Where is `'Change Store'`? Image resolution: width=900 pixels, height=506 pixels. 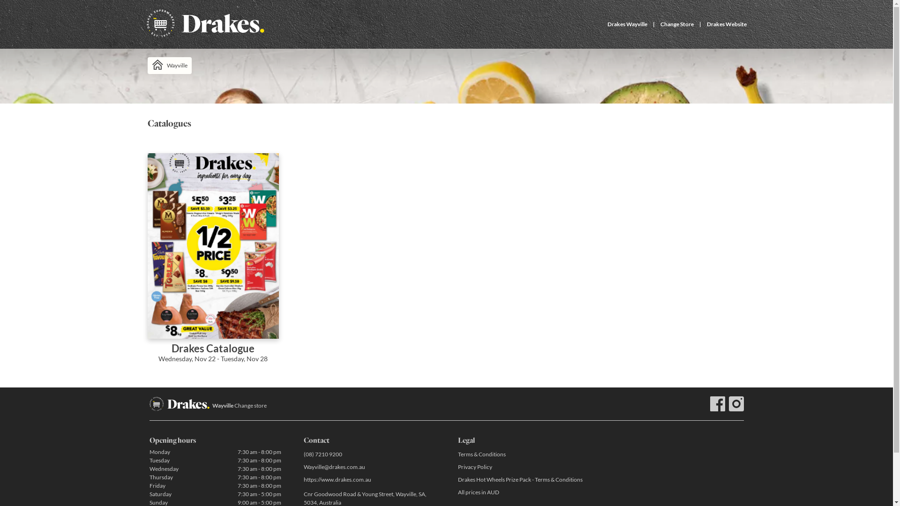 'Change Store' is located at coordinates (676, 23).